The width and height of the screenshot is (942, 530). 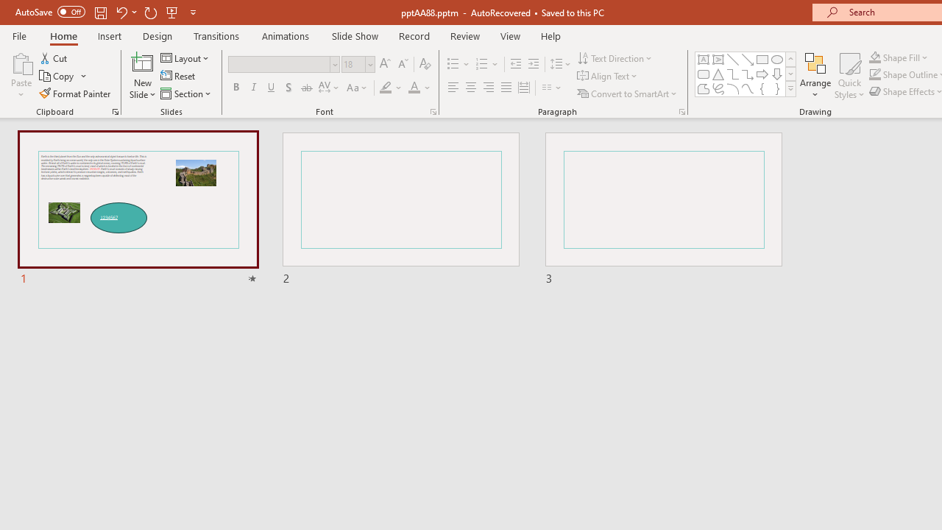 What do you see at coordinates (424, 63) in the screenshot?
I see `'Clear Formatting'` at bounding box center [424, 63].